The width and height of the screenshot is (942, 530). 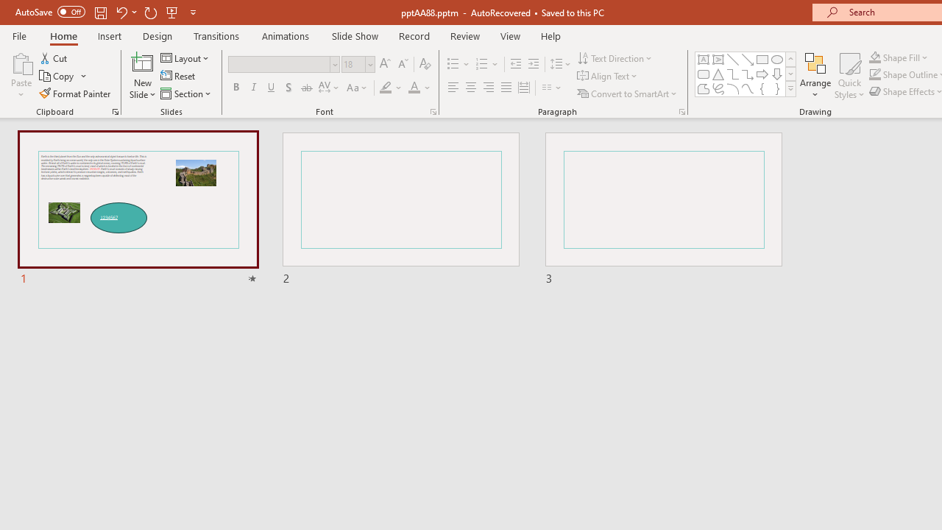 What do you see at coordinates (424, 63) in the screenshot?
I see `'Clear Formatting'` at bounding box center [424, 63].